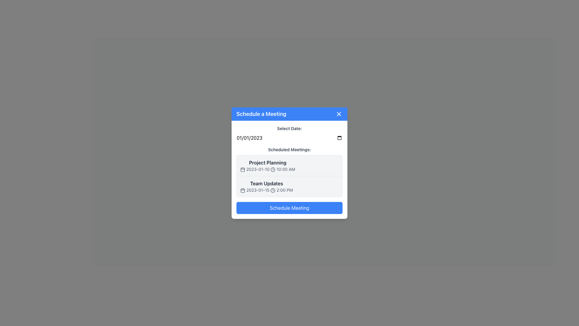 This screenshot has height=326, width=579. I want to click on the compact clock icon located slightly to the left of '2:00 PM' in the 'Team Updates' entry within the 'Scheduled Meetings' section of the 'Schedule a Meeting' modal, so click(273, 190).